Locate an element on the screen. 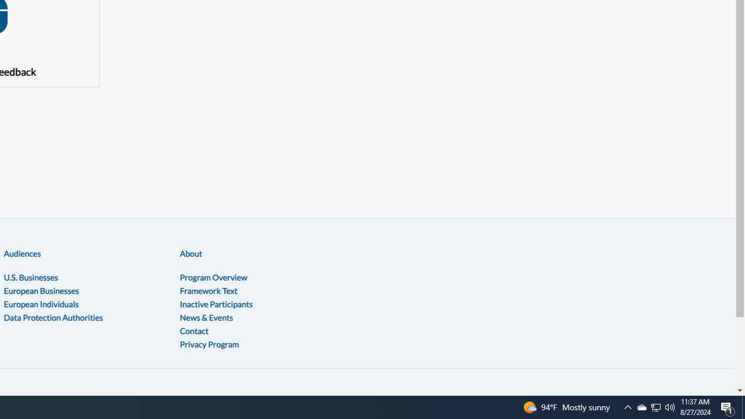  'Inactive Participants' is located at coordinates (216, 303).